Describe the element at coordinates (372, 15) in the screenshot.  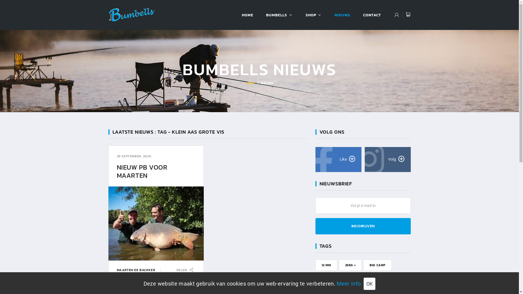
I see `'CONTACT'` at that location.